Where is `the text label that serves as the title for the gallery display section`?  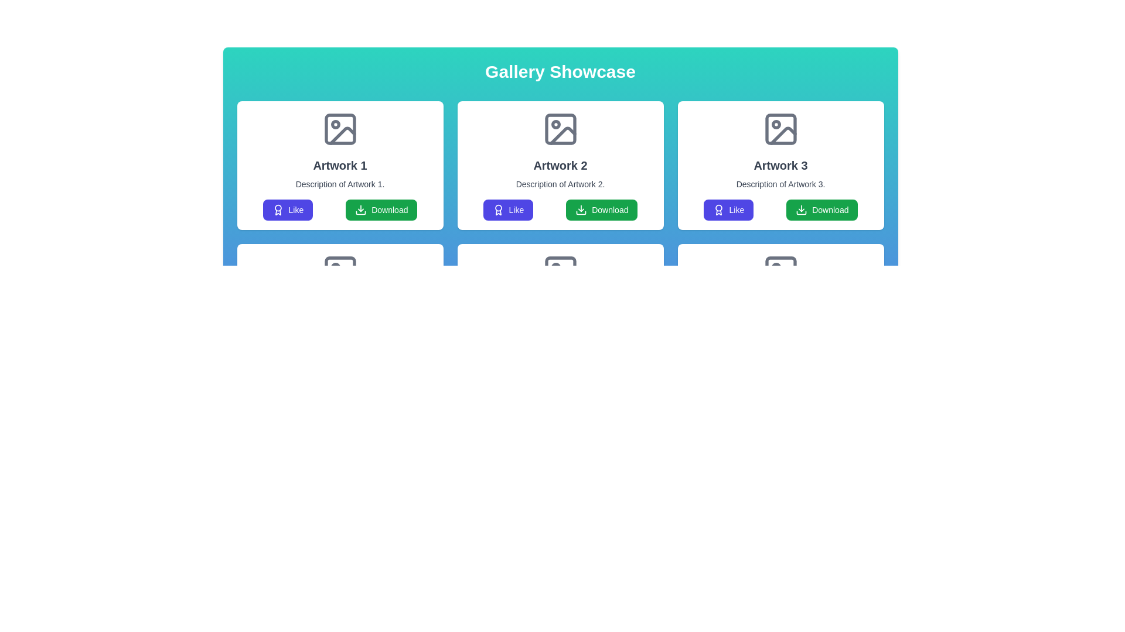 the text label that serves as the title for the gallery display section is located at coordinates (560, 72).